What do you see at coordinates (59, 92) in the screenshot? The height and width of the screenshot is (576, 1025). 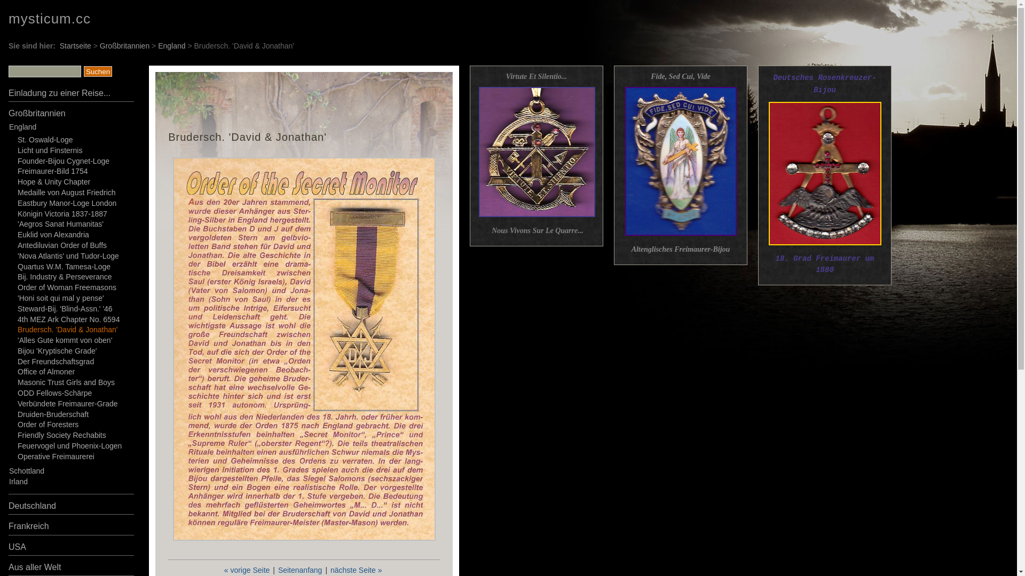 I see `'Einladung zu einer Reise...'` at bounding box center [59, 92].